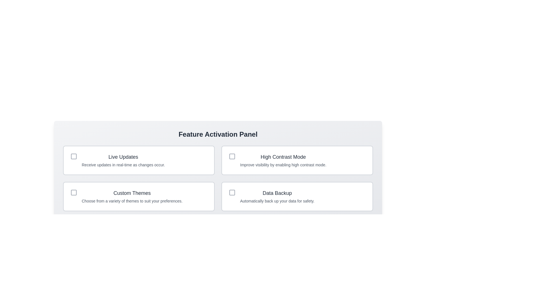 Image resolution: width=543 pixels, height=305 pixels. What do you see at coordinates (297, 196) in the screenshot?
I see `the checkbox in the Feature Selection Card labeled 'Data Backup'` at bounding box center [297, 196].